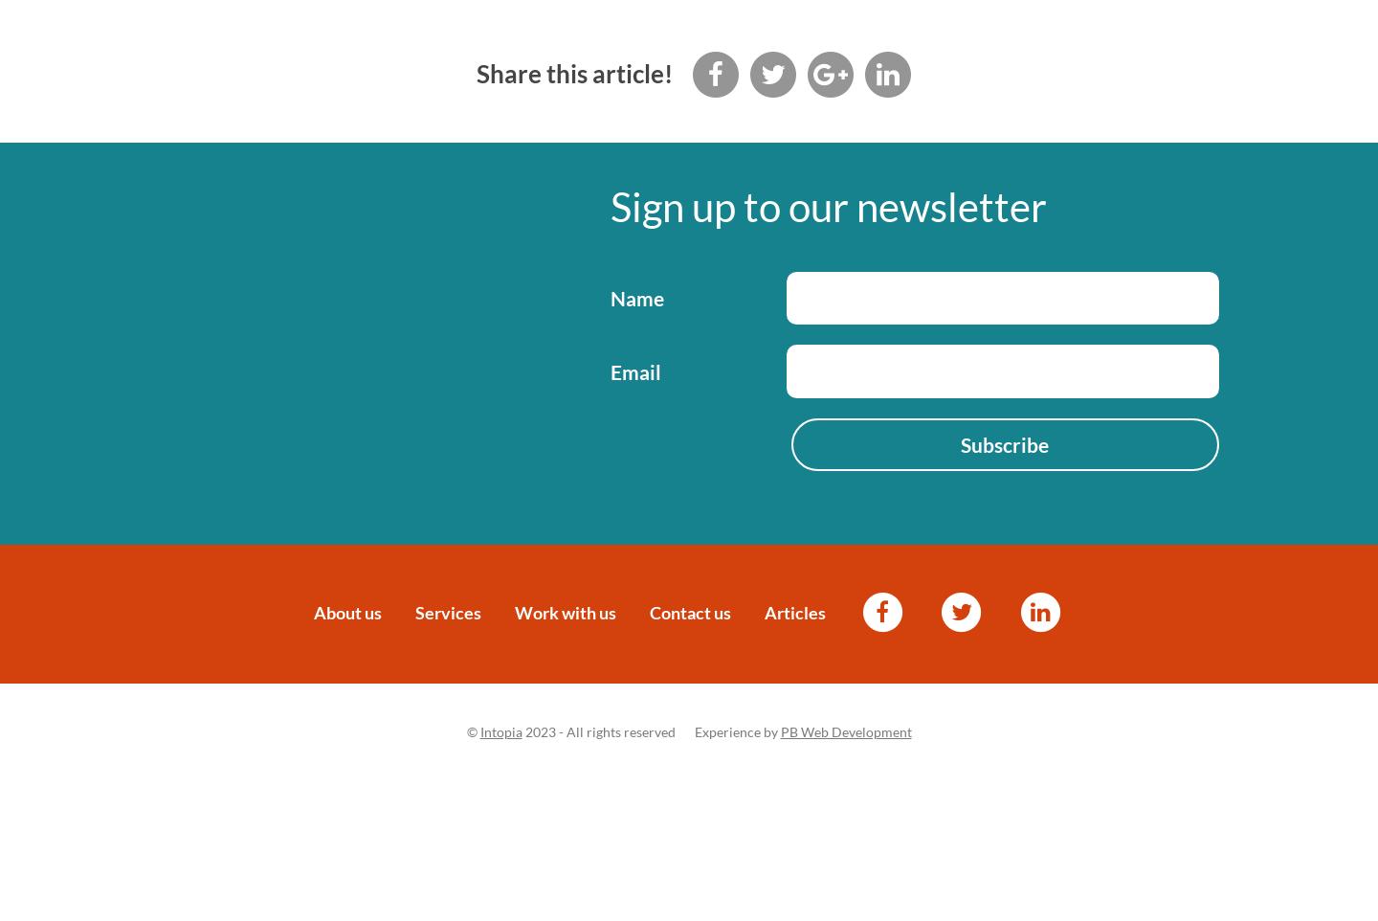 The width and height of the screenshot is (1378, 921). I want to click on 'Name', so click(635, 297).